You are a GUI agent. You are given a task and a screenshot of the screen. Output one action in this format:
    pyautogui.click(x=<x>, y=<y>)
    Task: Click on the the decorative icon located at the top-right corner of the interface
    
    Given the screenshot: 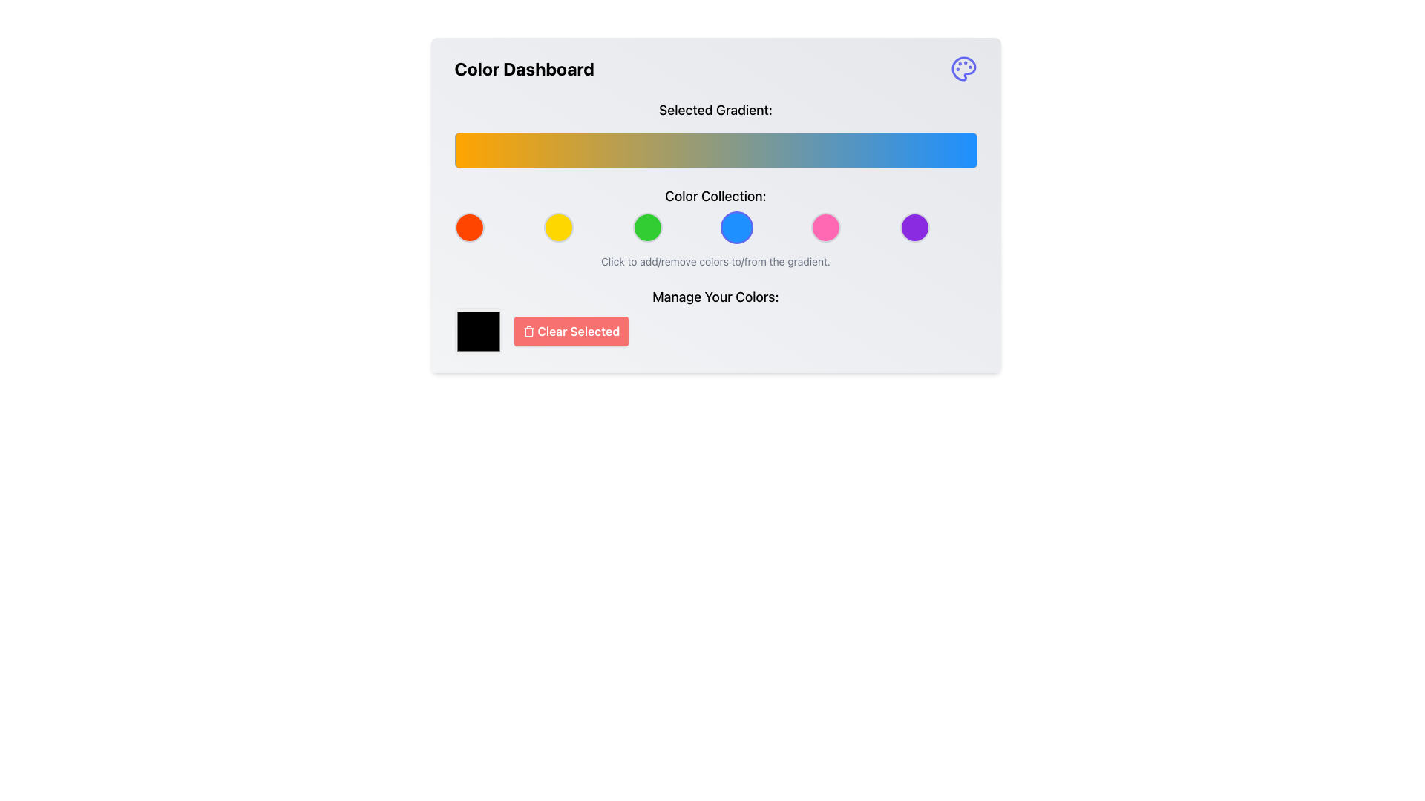 What is the action you would take?
    pyautogui.click(x=963, y=68)
    